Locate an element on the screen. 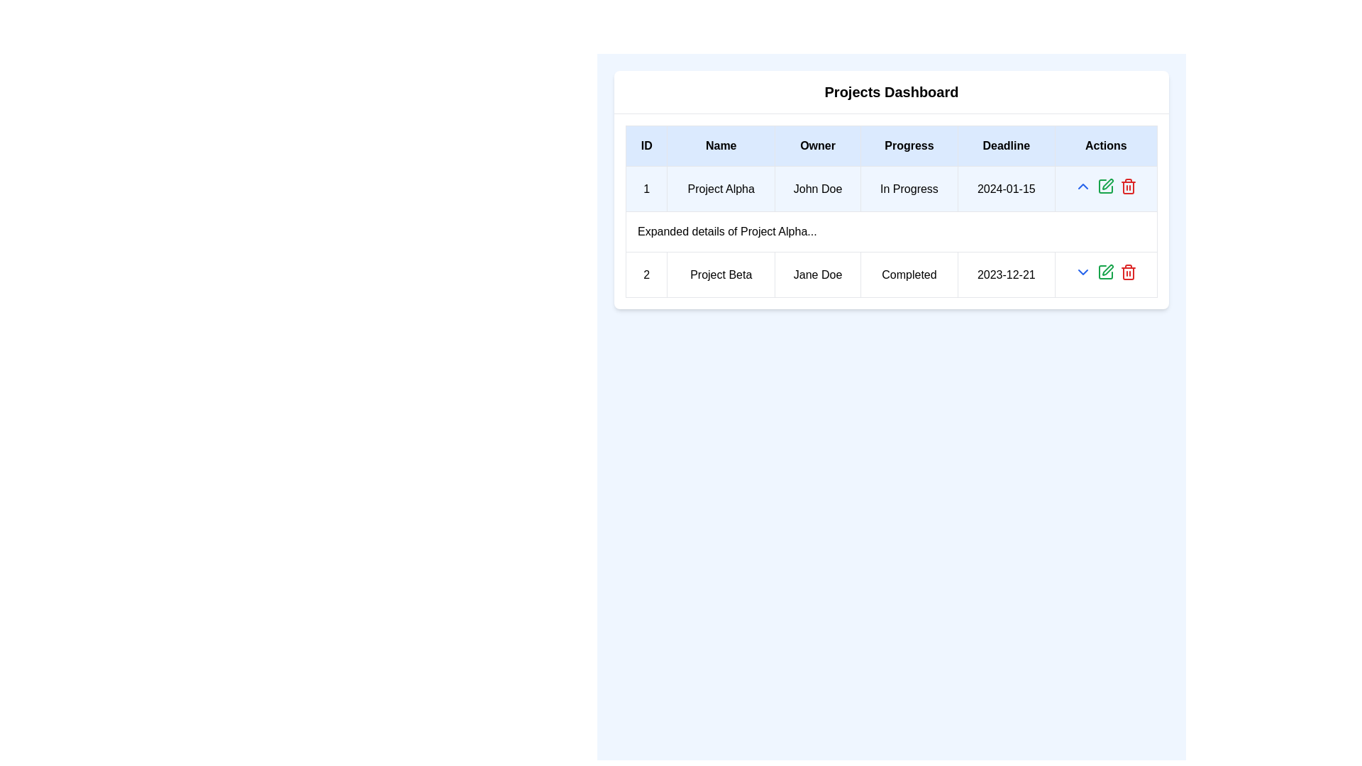 Image resolution: width=1362 pixels, height=766 pixels. the green pen icon located in the action column of the first row in the project table is located at coordinates (1105, 185).